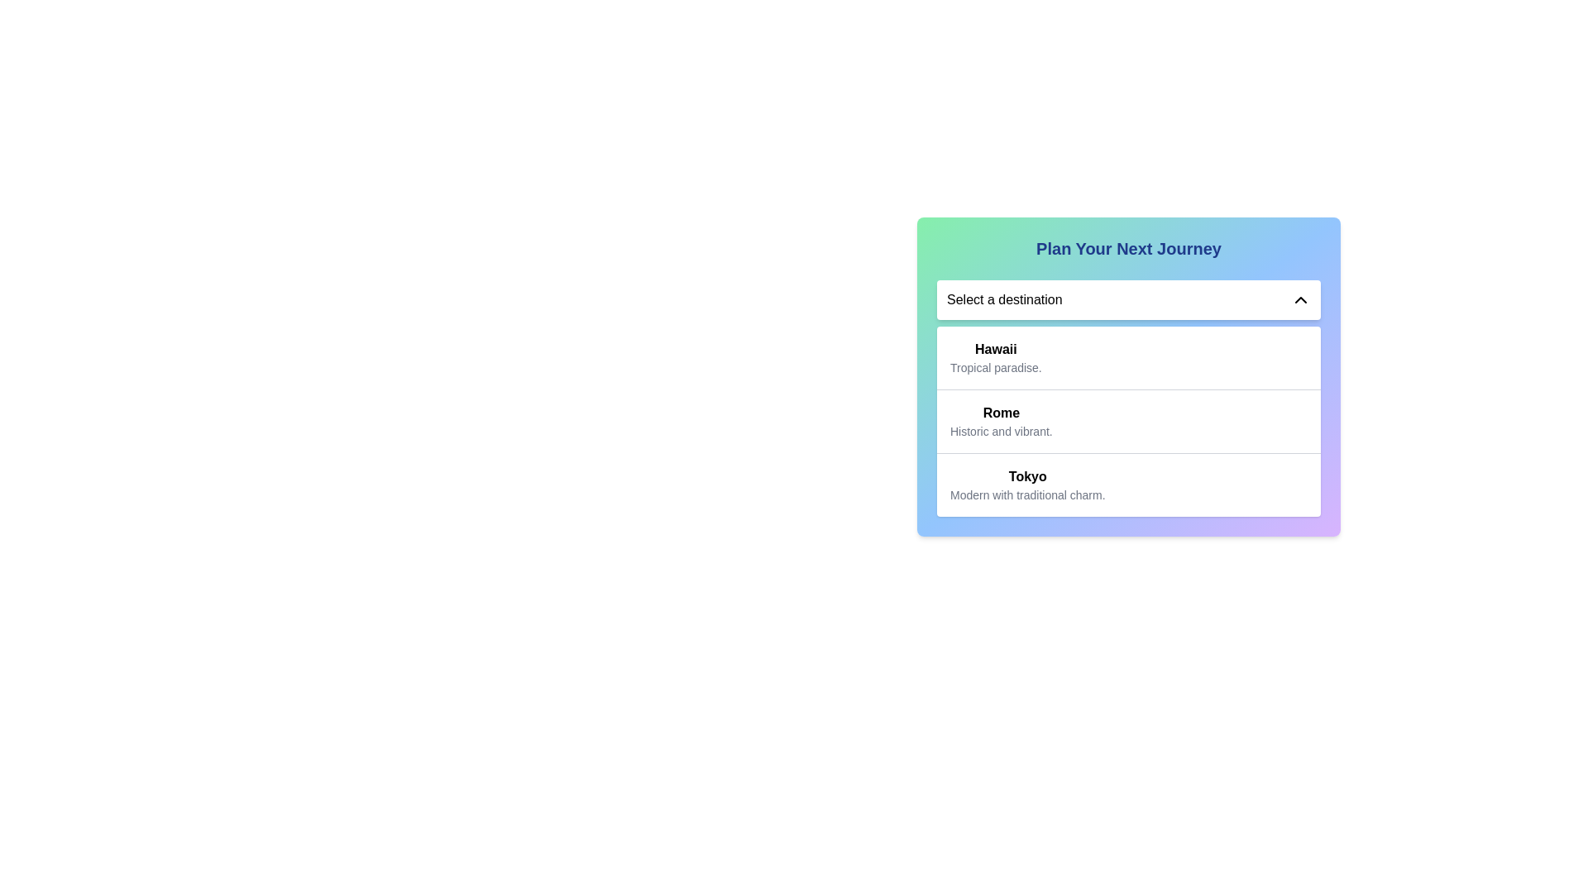  What do you see at coordinates (1026, 484) in the screenshot?
I see `the text display for 'Tokyo'` at bounding box center [1026, 484].